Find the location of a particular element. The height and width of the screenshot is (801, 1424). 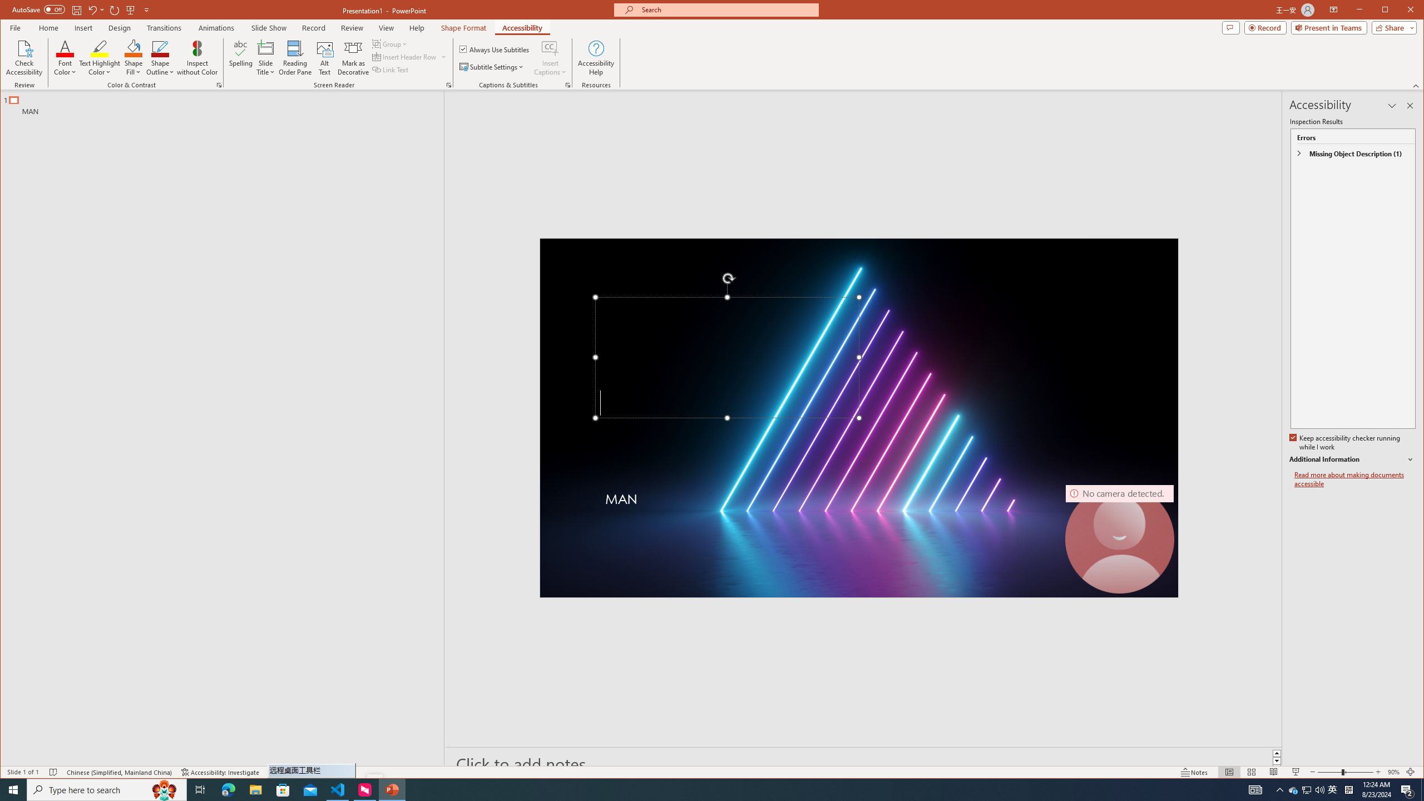

'Shape Fill Orange, Accent 2' is located at coordinates (133, 47).